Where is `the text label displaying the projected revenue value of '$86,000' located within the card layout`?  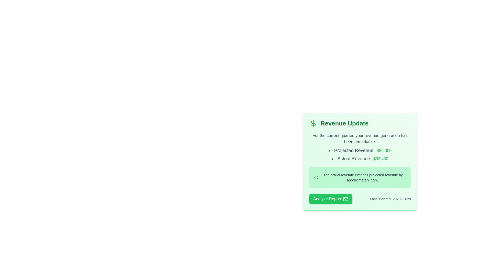 the text label displaying the projected revenue value of '$86,000' located within the card layout is located at coordinates (384, 150).